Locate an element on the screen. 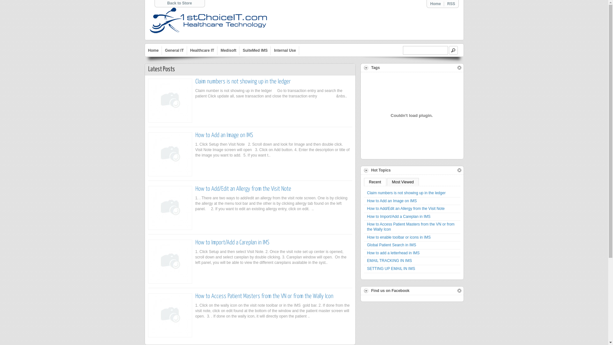 The width and height of the screenshot is (613, 345). 'Recent' is located at coordinates (364, 182).